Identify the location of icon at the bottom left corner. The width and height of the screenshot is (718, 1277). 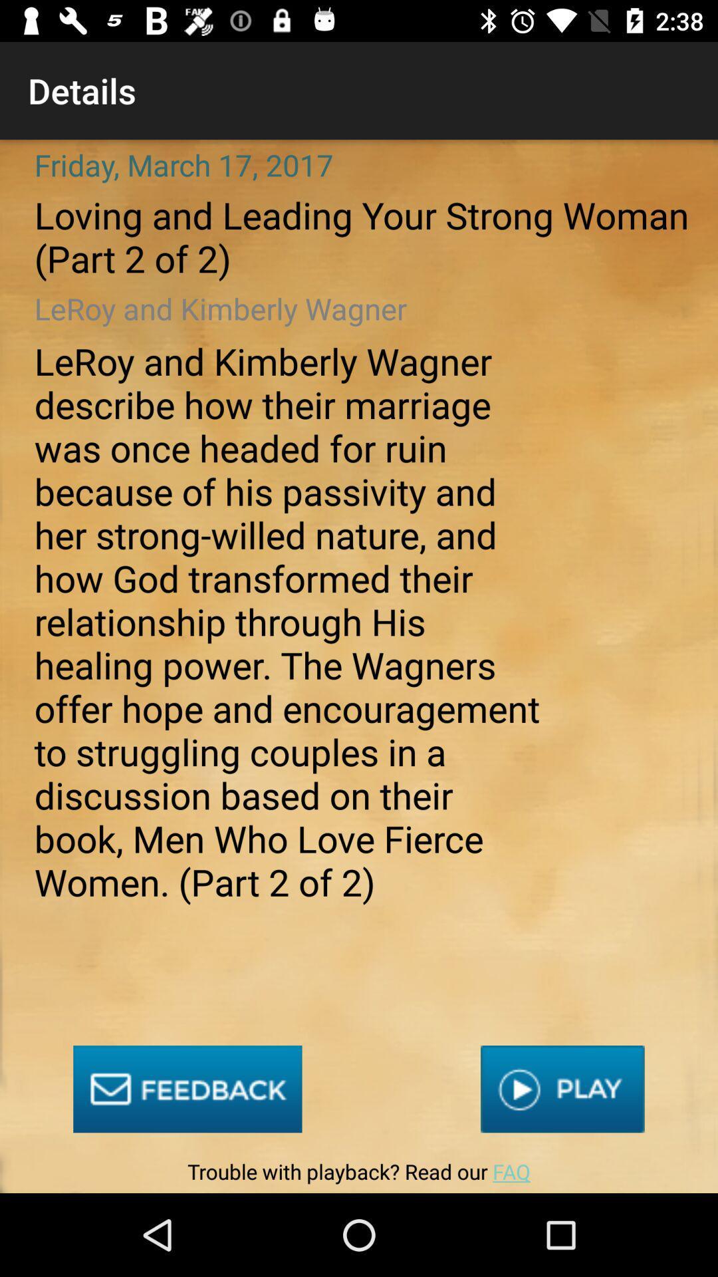
(187, 1089).